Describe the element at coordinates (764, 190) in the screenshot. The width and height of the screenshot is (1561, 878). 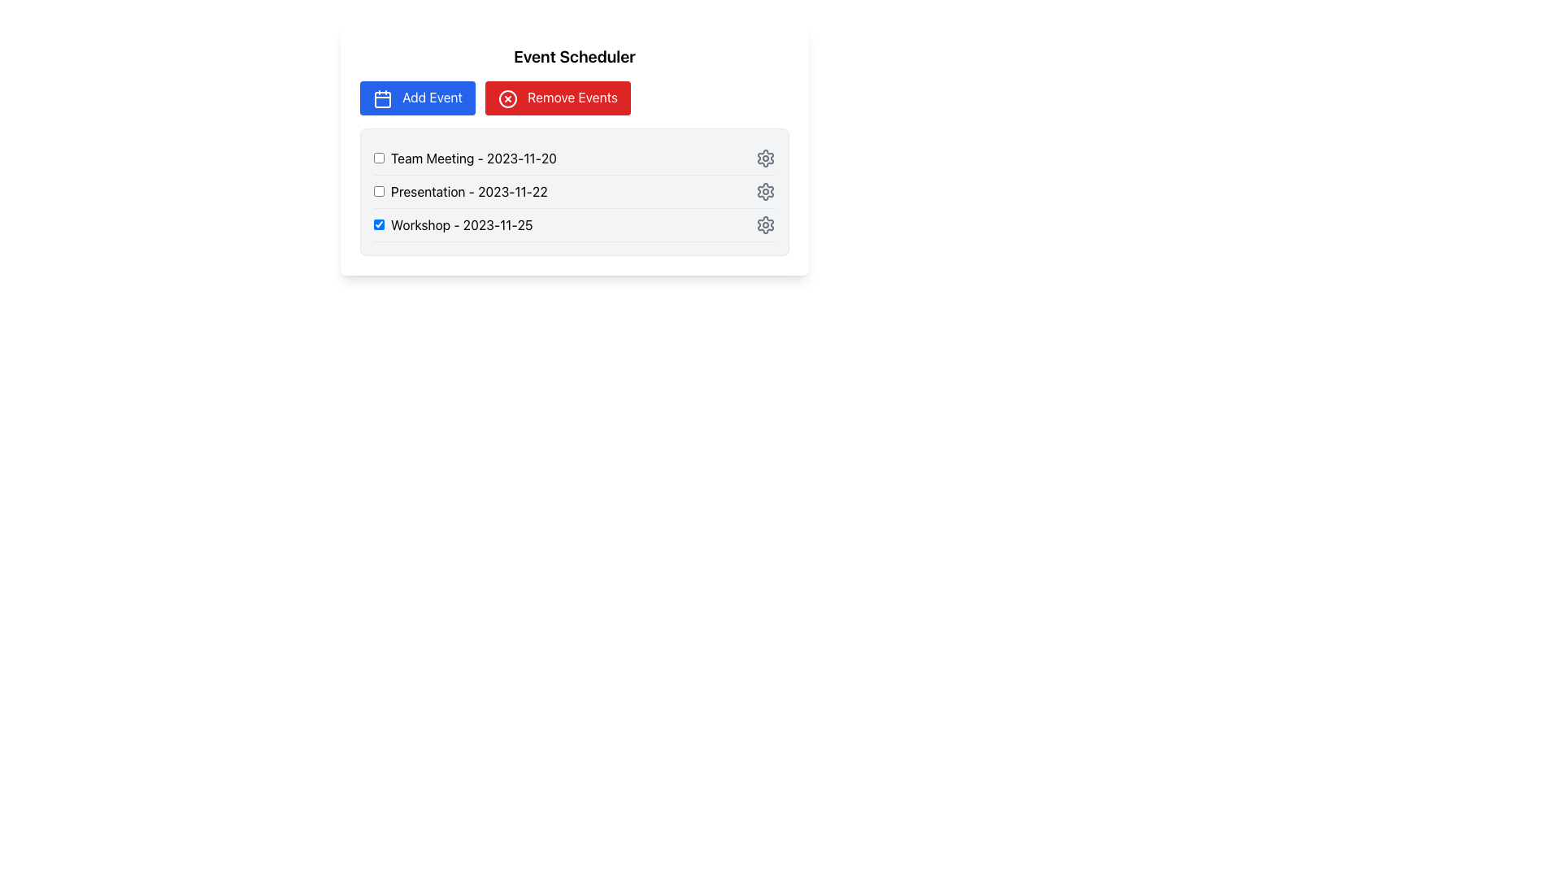
I see `the icon button on the far right side of the row for 'Presentation - 2023-11-22'` at that location.